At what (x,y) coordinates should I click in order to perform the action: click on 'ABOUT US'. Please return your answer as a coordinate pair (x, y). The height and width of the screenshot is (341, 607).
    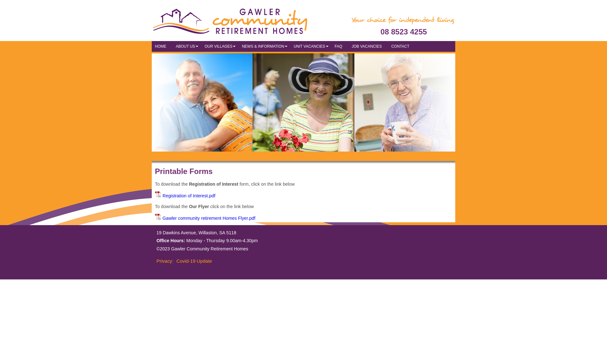
    Looking at the image, I should click on (187, 46).